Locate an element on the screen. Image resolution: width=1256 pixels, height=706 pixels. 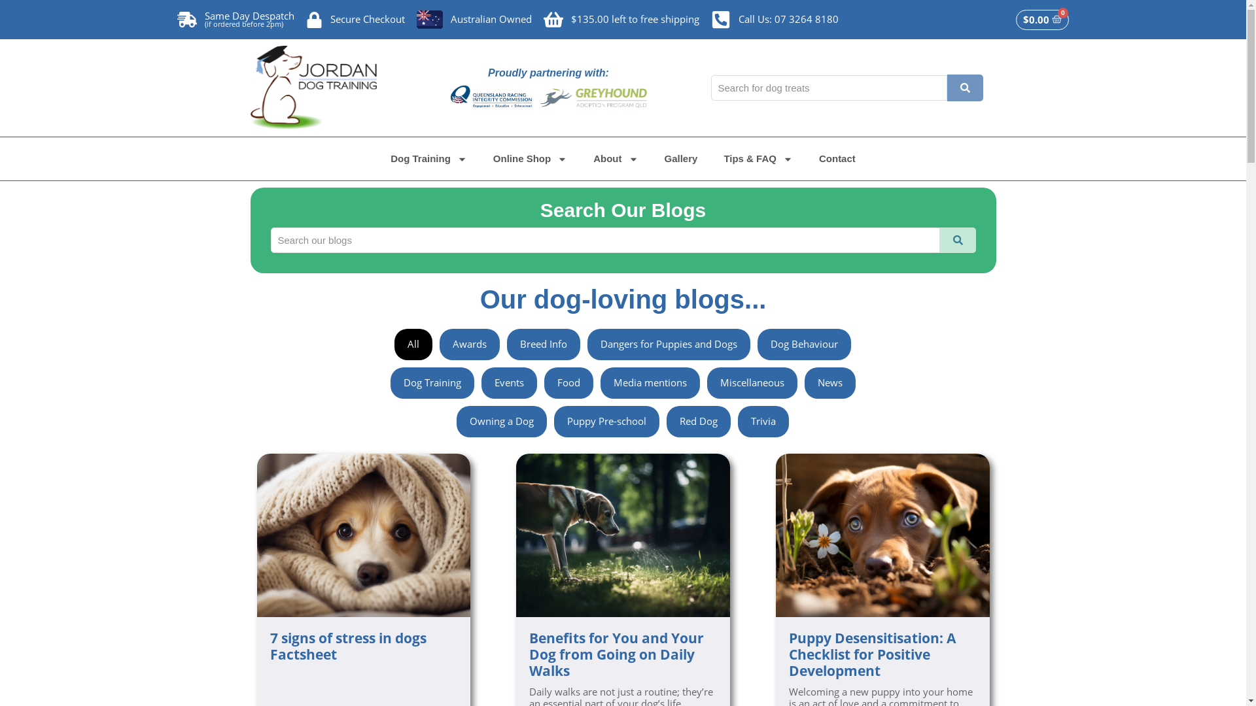
'Awards' is located at coordinates (440, 344).